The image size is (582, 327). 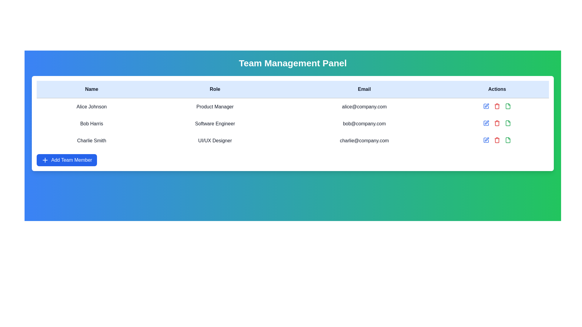 I want to click on the first clickable icon in the 'Actions' column of the team management table to initiate editing of the corresponding row's data, so click(x=487, y=122).